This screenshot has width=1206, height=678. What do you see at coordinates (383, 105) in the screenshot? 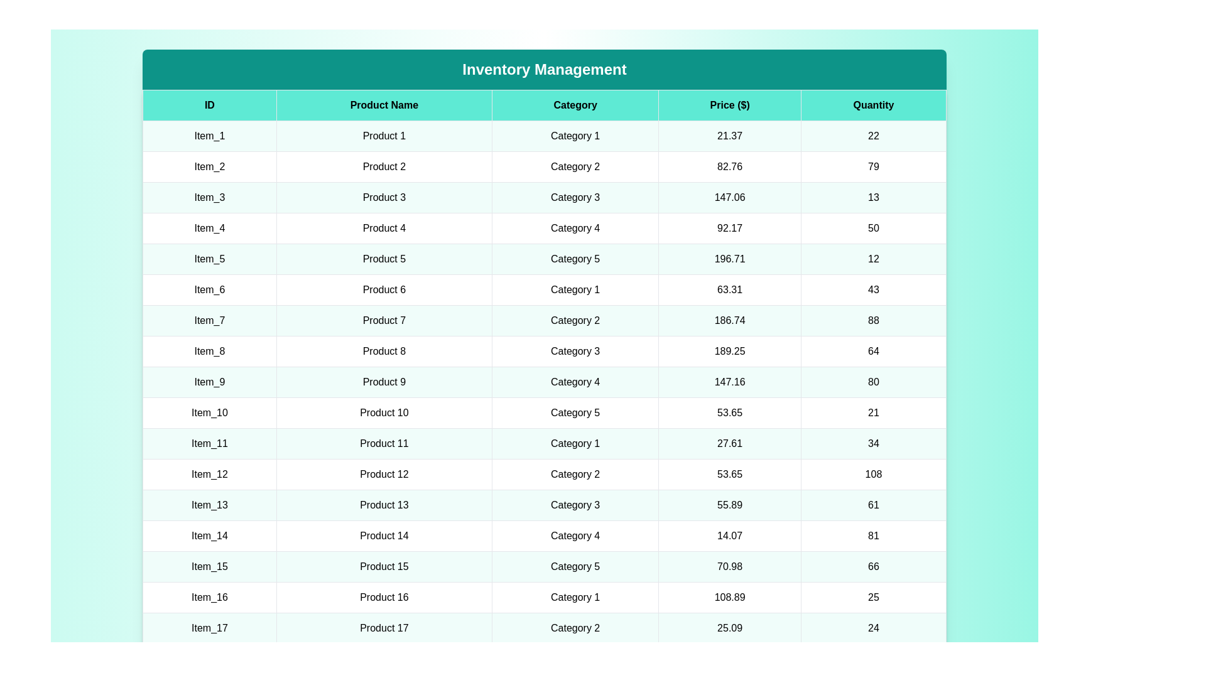
I see `the column header Product Name to sort the table by that column` at bounding box center [383, 105].